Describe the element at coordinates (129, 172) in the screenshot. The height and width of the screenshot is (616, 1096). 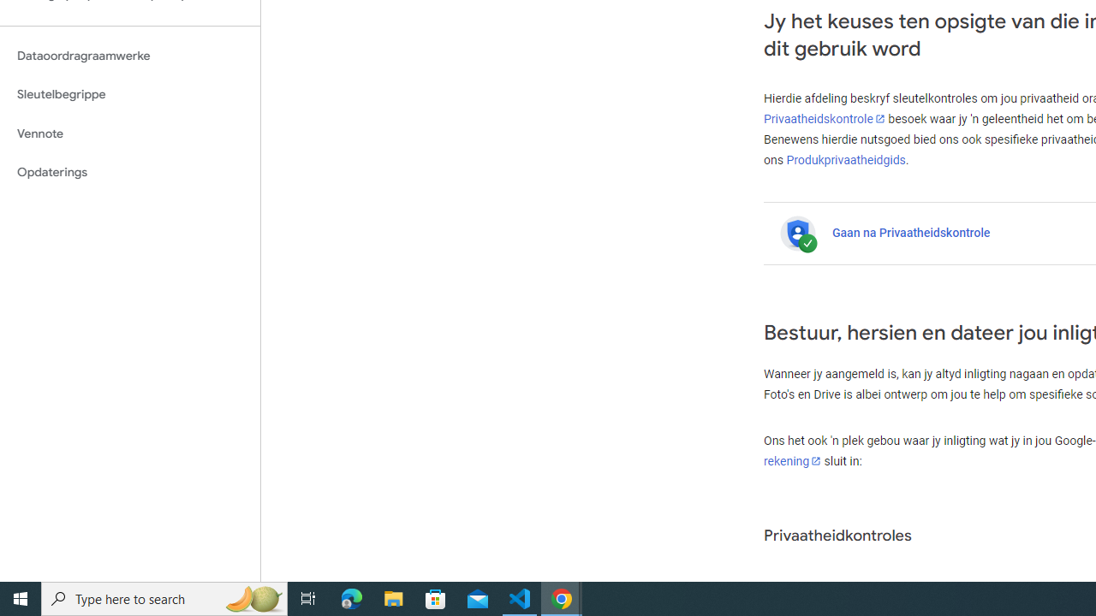
I see `'Opdaterings'` at that location.